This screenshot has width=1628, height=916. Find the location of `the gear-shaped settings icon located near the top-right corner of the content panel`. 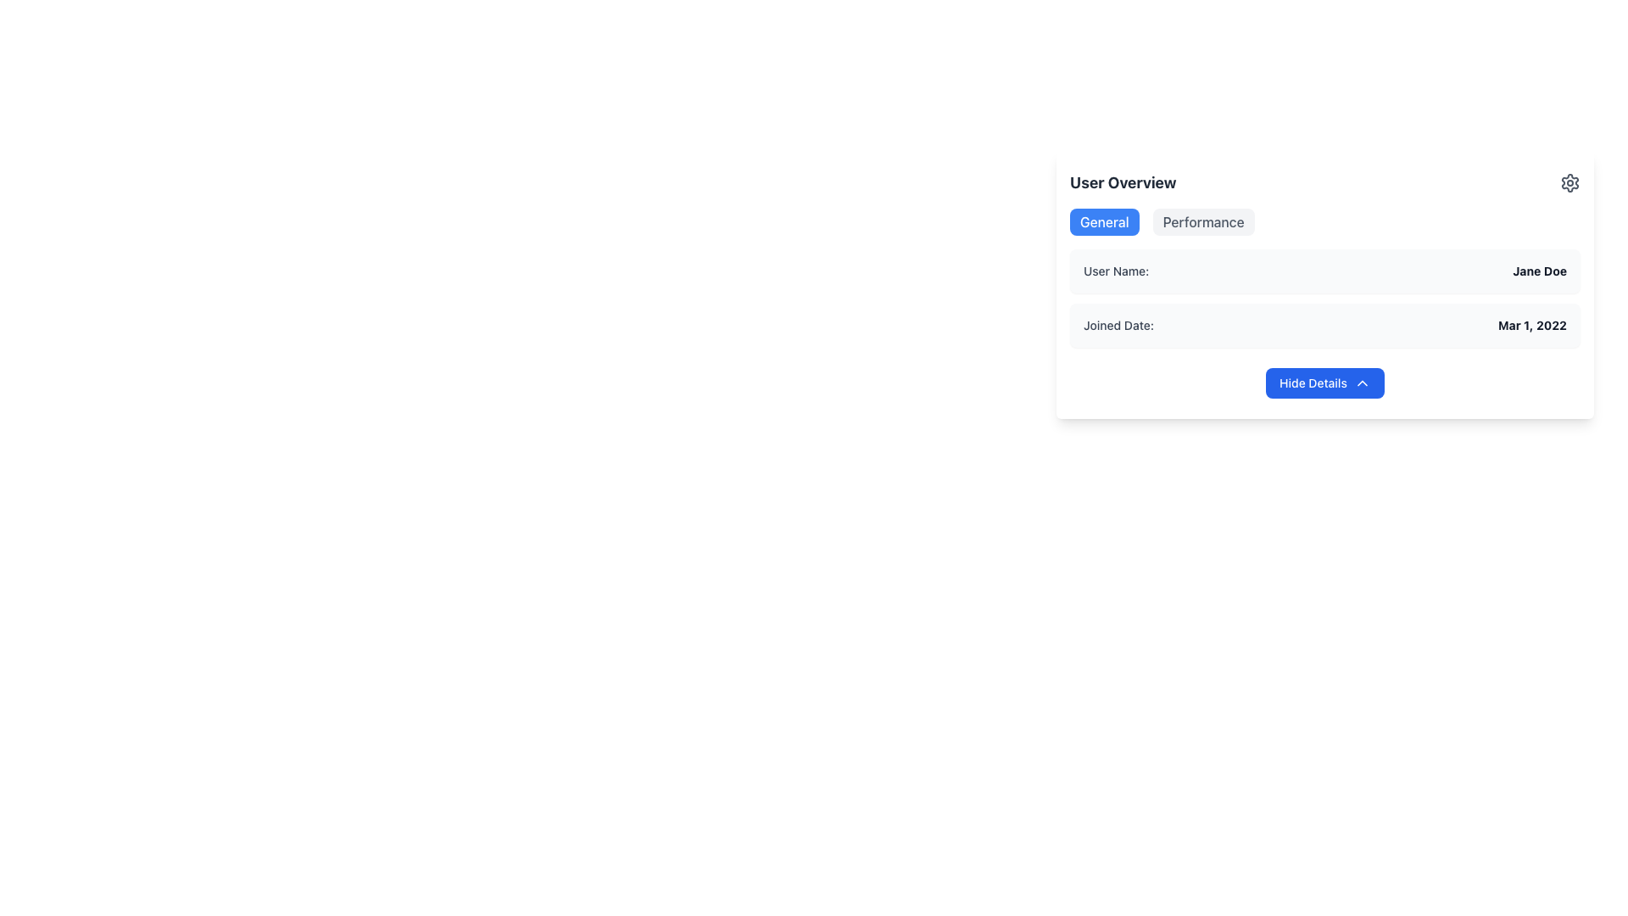

the gear-shaped settings icon located near the top-right corner of the content panel is located at coordinates (1569, 183).